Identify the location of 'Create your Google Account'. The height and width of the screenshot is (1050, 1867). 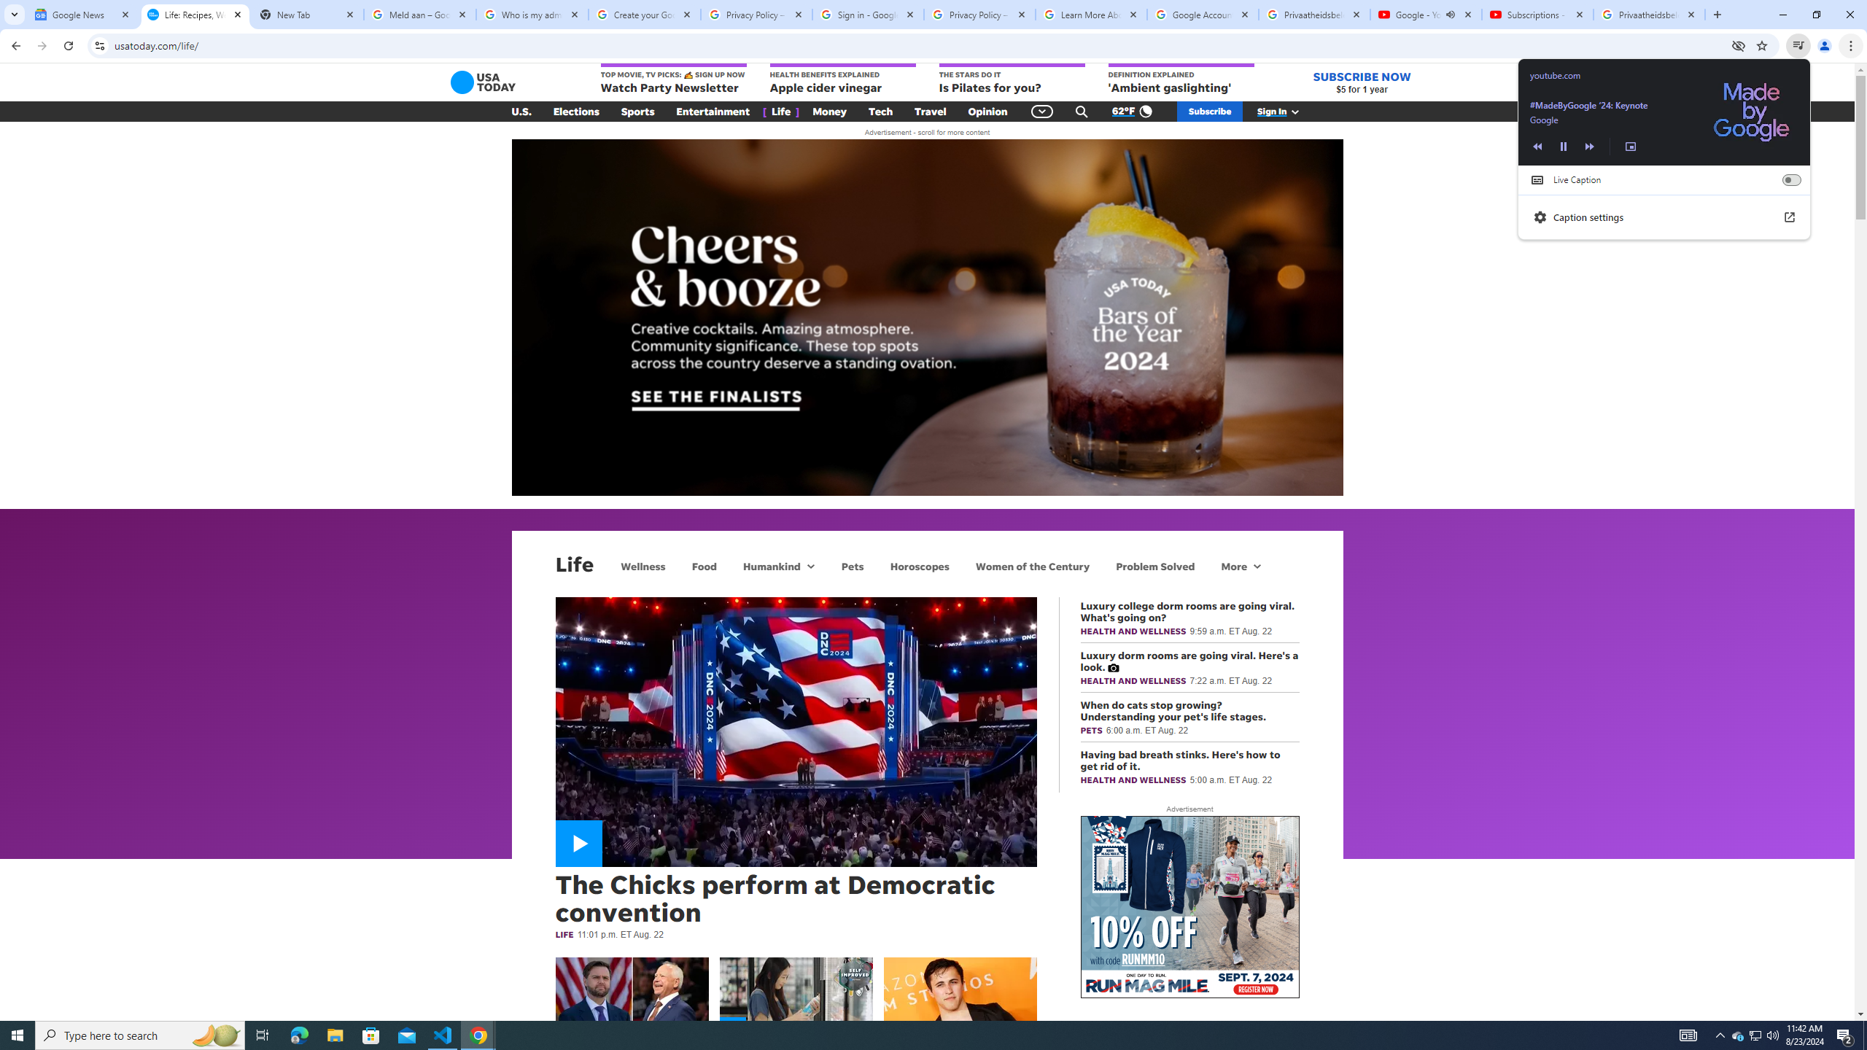
(645, 14).